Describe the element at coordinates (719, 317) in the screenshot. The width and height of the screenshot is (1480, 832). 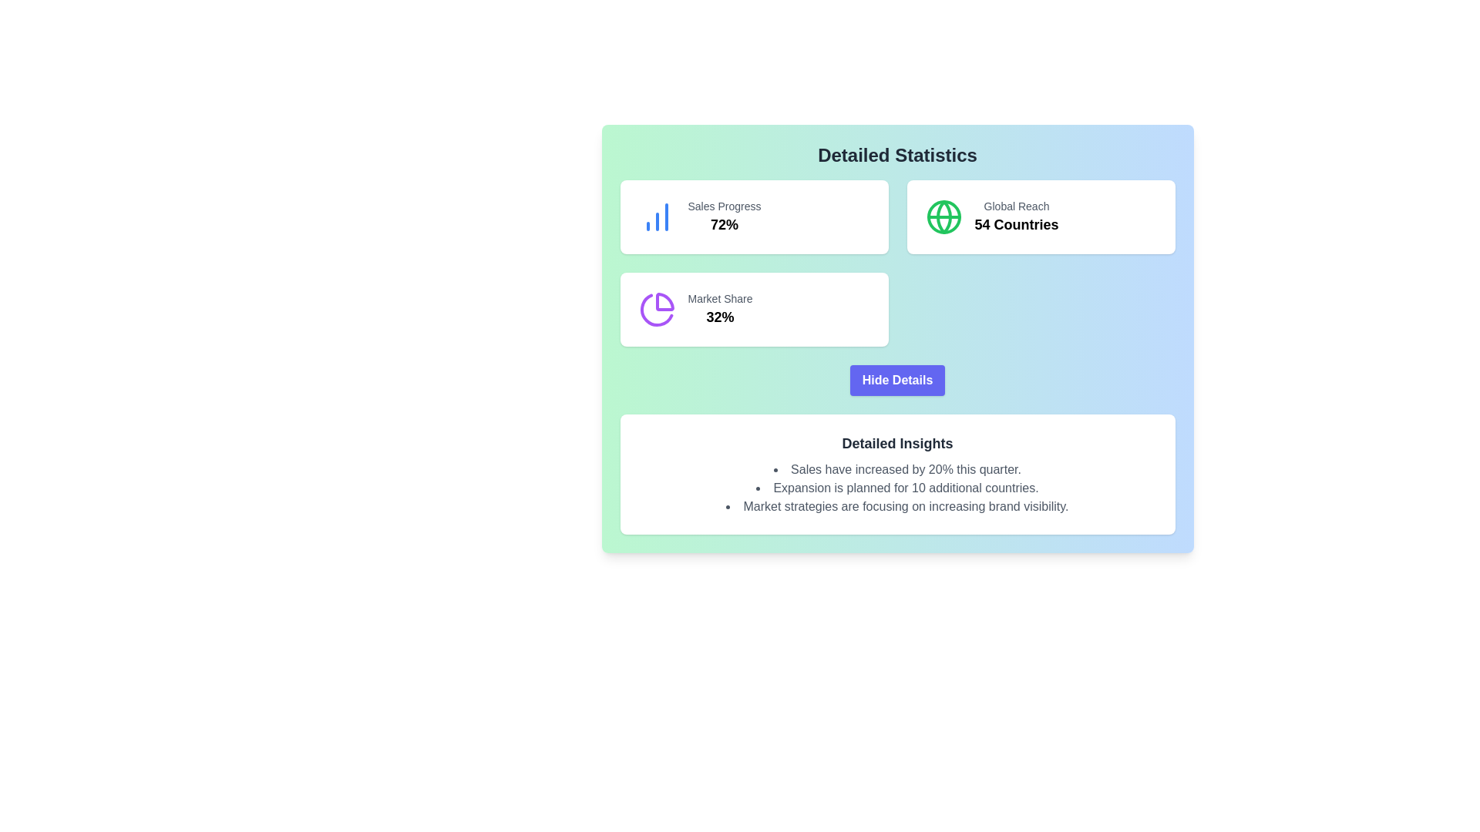
I see `the informational text label displaying the percentage value related to 'Market Share', located below the 'Market Share' text in the lower-left quadrant of the interface` at that location.